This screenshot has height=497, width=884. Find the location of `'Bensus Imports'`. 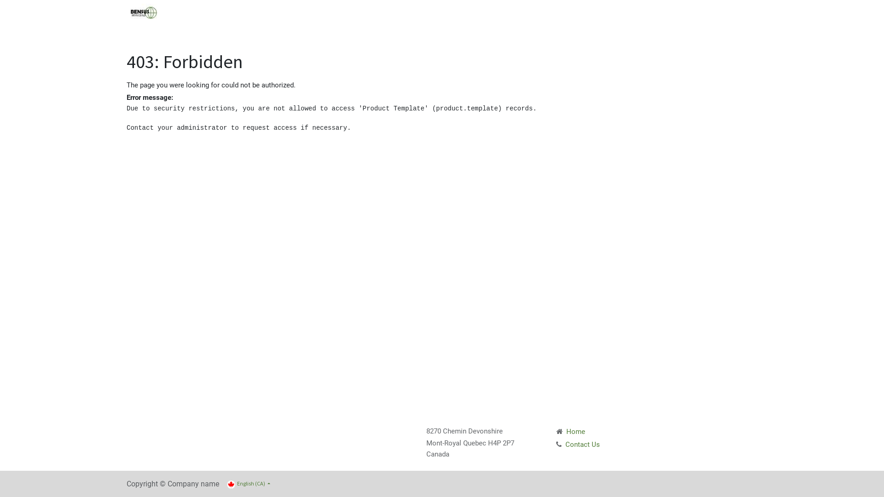

'Bensus Imports' is located at coordinates (143, 12).